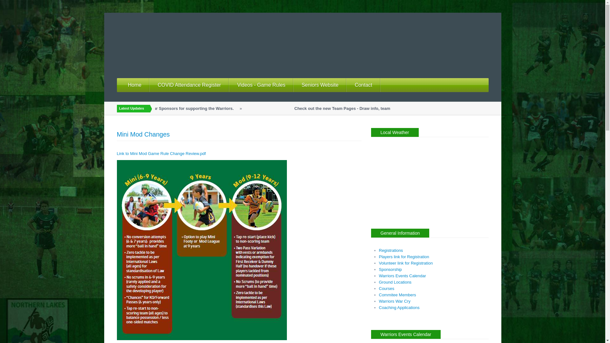 This screenshot has width=610, height=343. I want to click on 'Sponsorship', so click(390, 269).